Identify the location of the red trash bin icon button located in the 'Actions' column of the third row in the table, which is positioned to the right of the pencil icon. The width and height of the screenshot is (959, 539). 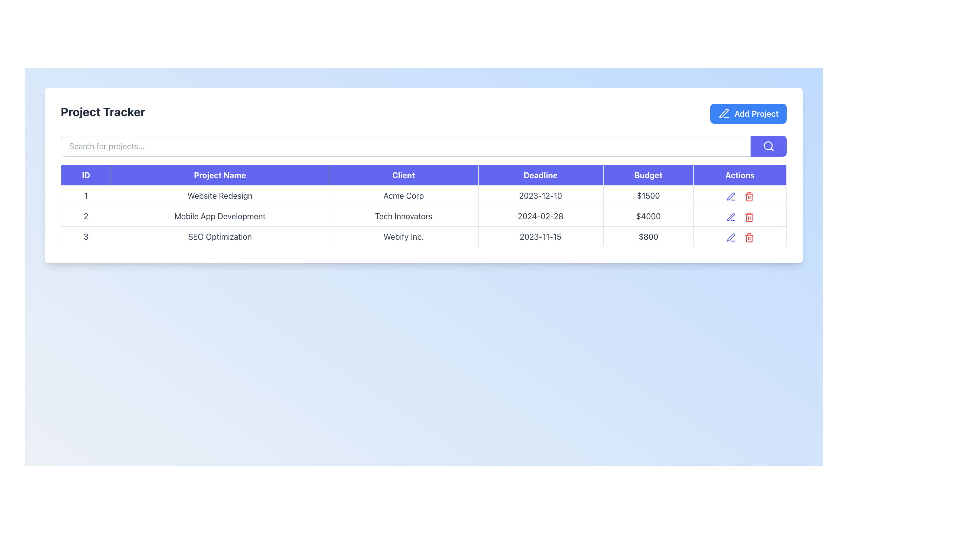
(748, 237).